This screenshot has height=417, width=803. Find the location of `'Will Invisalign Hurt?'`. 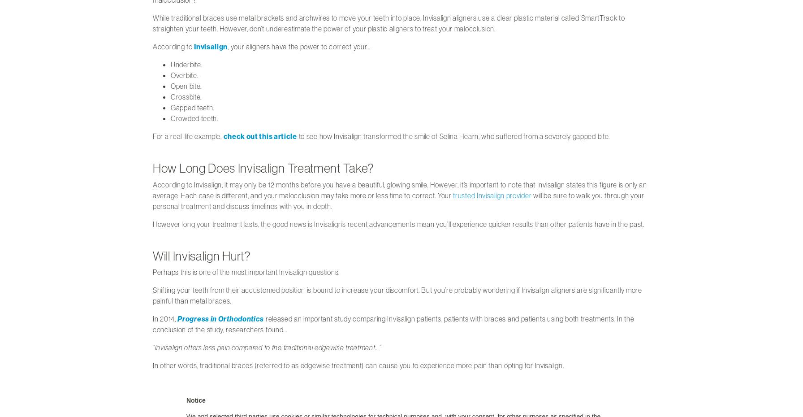

'Will Invisalign Hurt?' is located at coordinates (201, 255).